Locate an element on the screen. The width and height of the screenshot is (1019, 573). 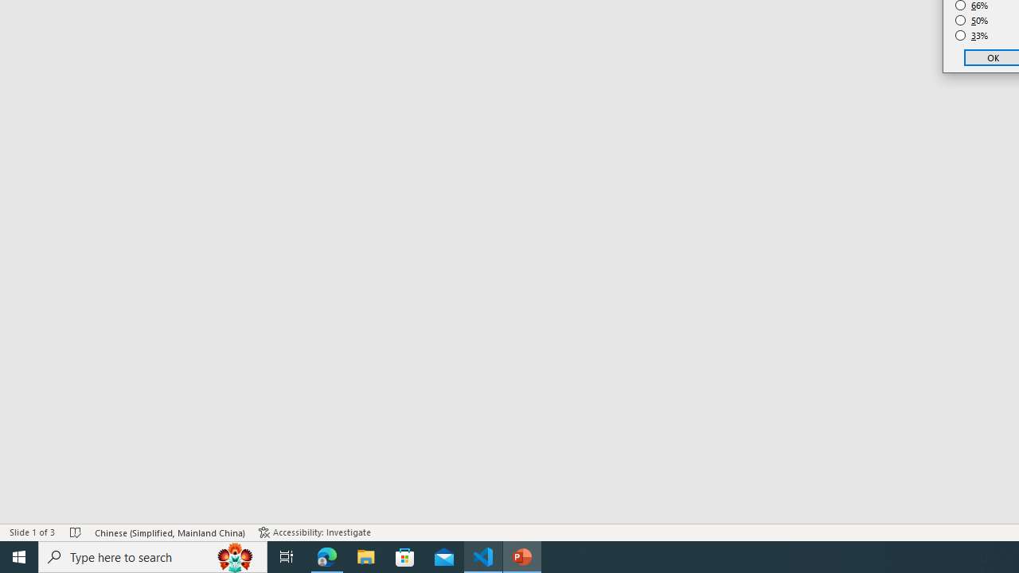
'Task View' is located at coordinates (286, 555).